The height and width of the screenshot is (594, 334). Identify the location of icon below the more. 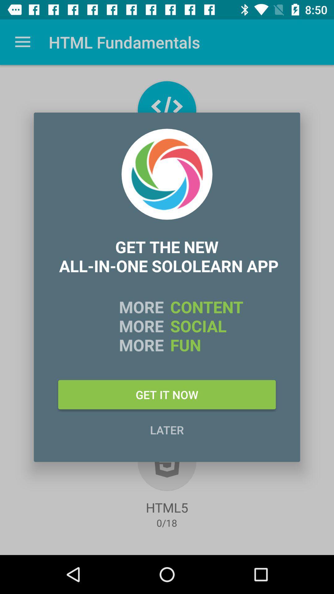
(167, 394).